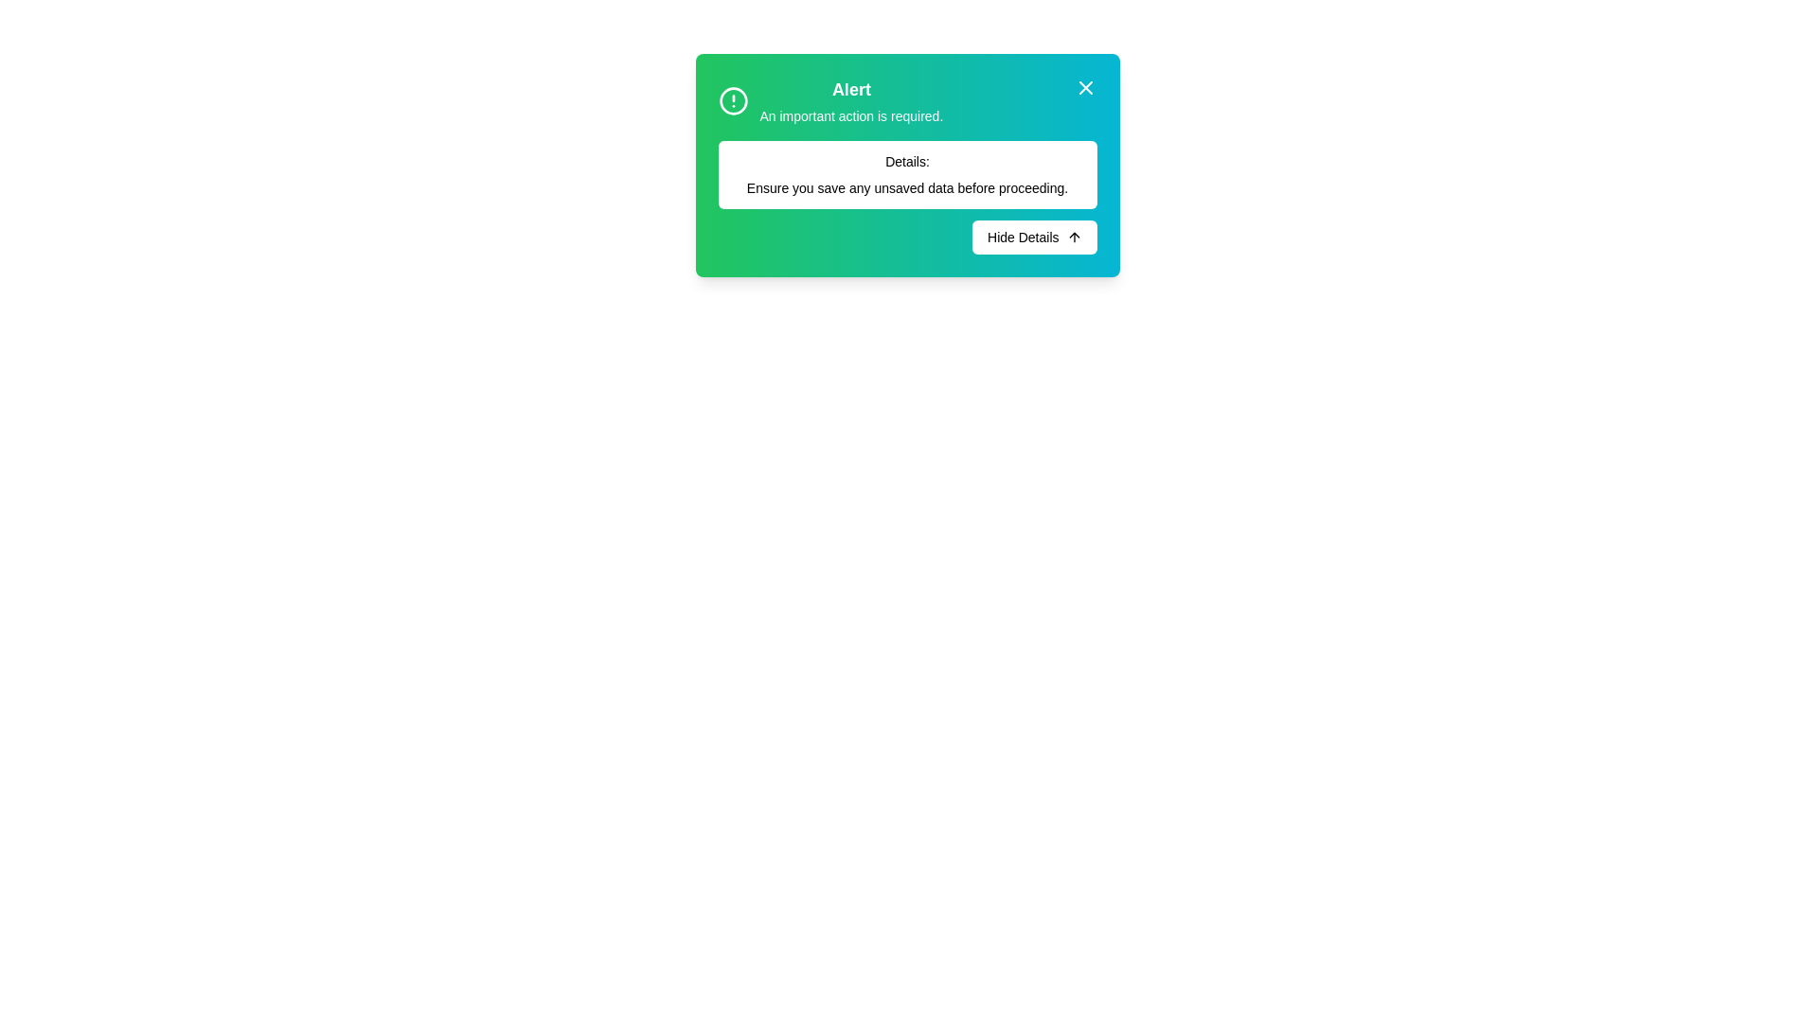 This screenshot has height=1022, width=1818. I want to click on the Notification header with icon and text, so click(830, 101).